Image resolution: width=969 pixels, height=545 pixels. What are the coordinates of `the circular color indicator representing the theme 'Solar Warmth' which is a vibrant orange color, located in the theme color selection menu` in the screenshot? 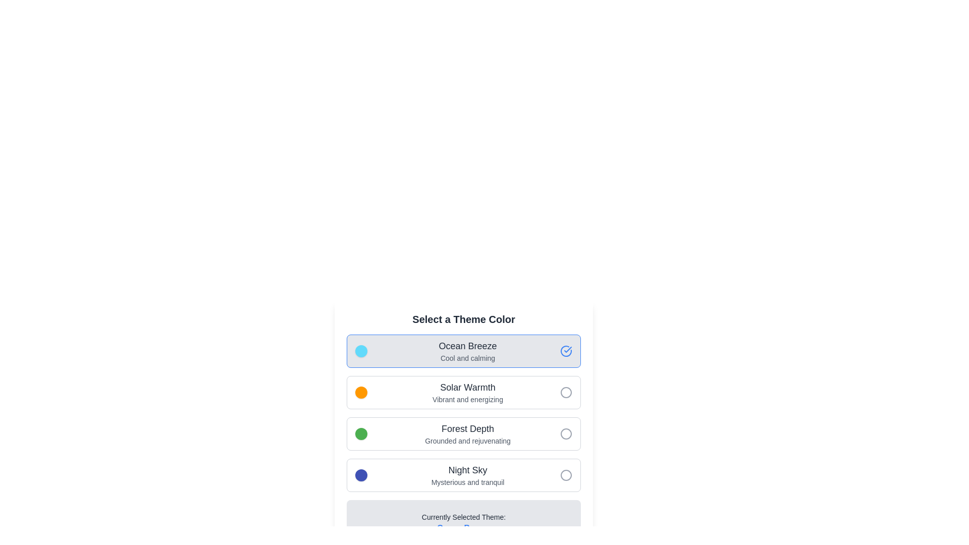 It's located at (361, 392).